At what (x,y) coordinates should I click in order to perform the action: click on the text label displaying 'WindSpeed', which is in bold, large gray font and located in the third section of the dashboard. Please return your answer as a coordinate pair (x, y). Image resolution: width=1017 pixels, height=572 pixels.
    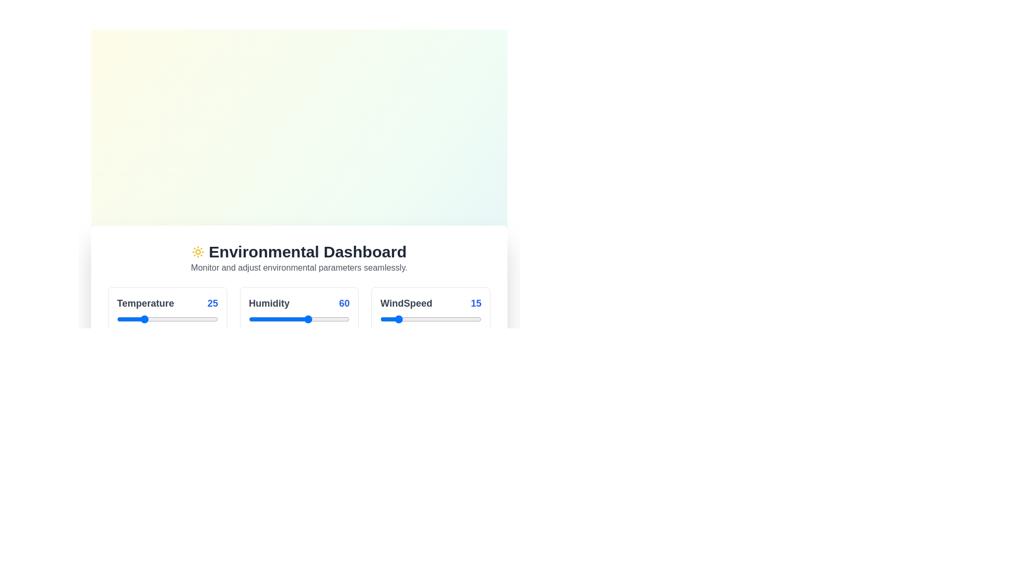
    Looking at the image, I should click on (406, 303).